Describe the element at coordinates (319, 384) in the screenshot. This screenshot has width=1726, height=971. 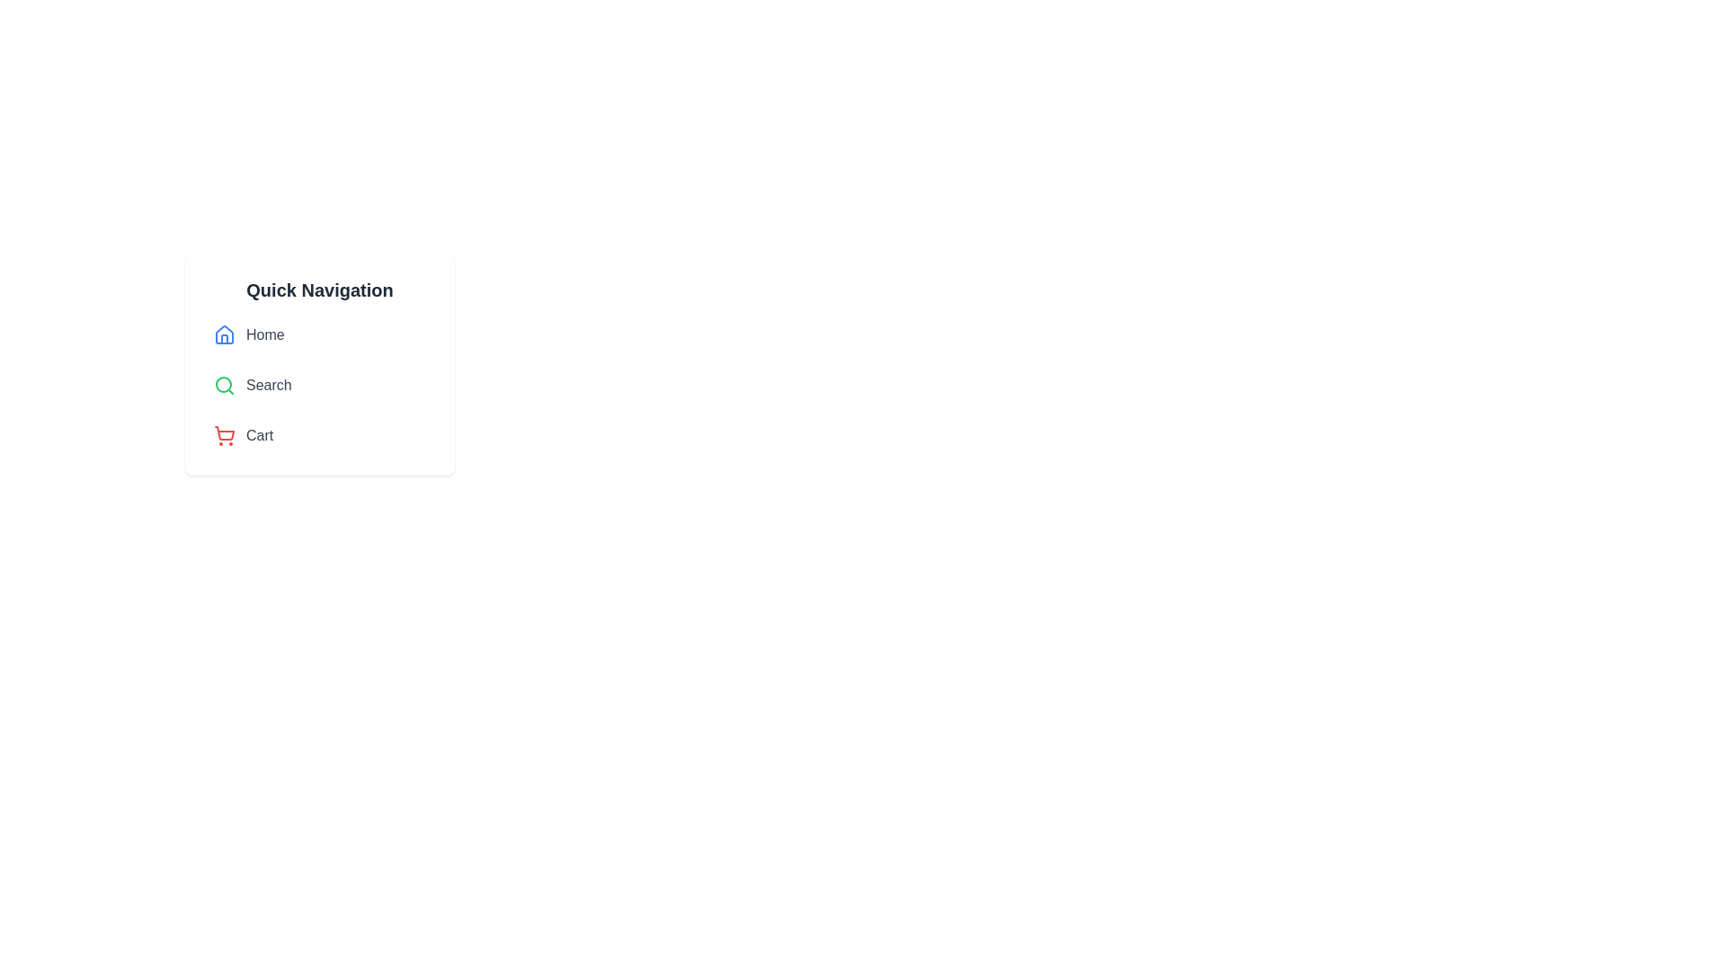
I see `the navigation menu` at that location.